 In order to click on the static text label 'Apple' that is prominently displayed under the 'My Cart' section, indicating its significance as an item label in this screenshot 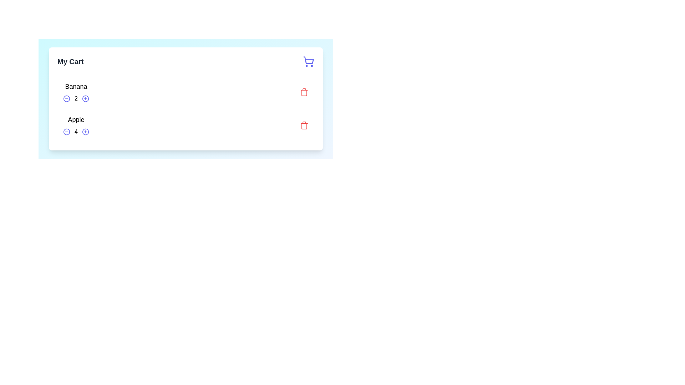, I will do `click(76, 119)`.